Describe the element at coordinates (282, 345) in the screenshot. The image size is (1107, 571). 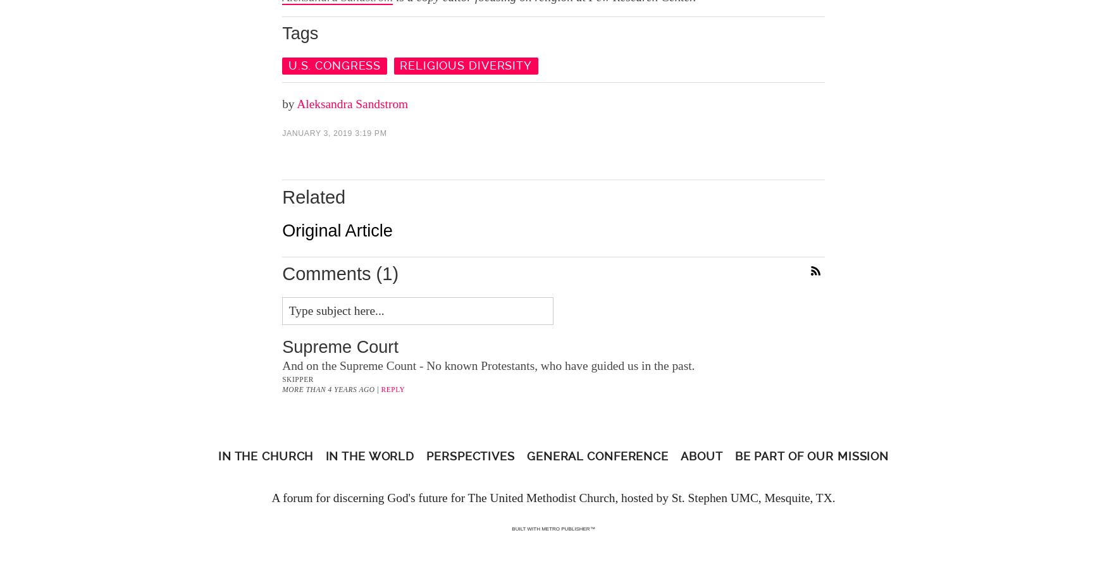
I see `'Supreme Court'` at that location.